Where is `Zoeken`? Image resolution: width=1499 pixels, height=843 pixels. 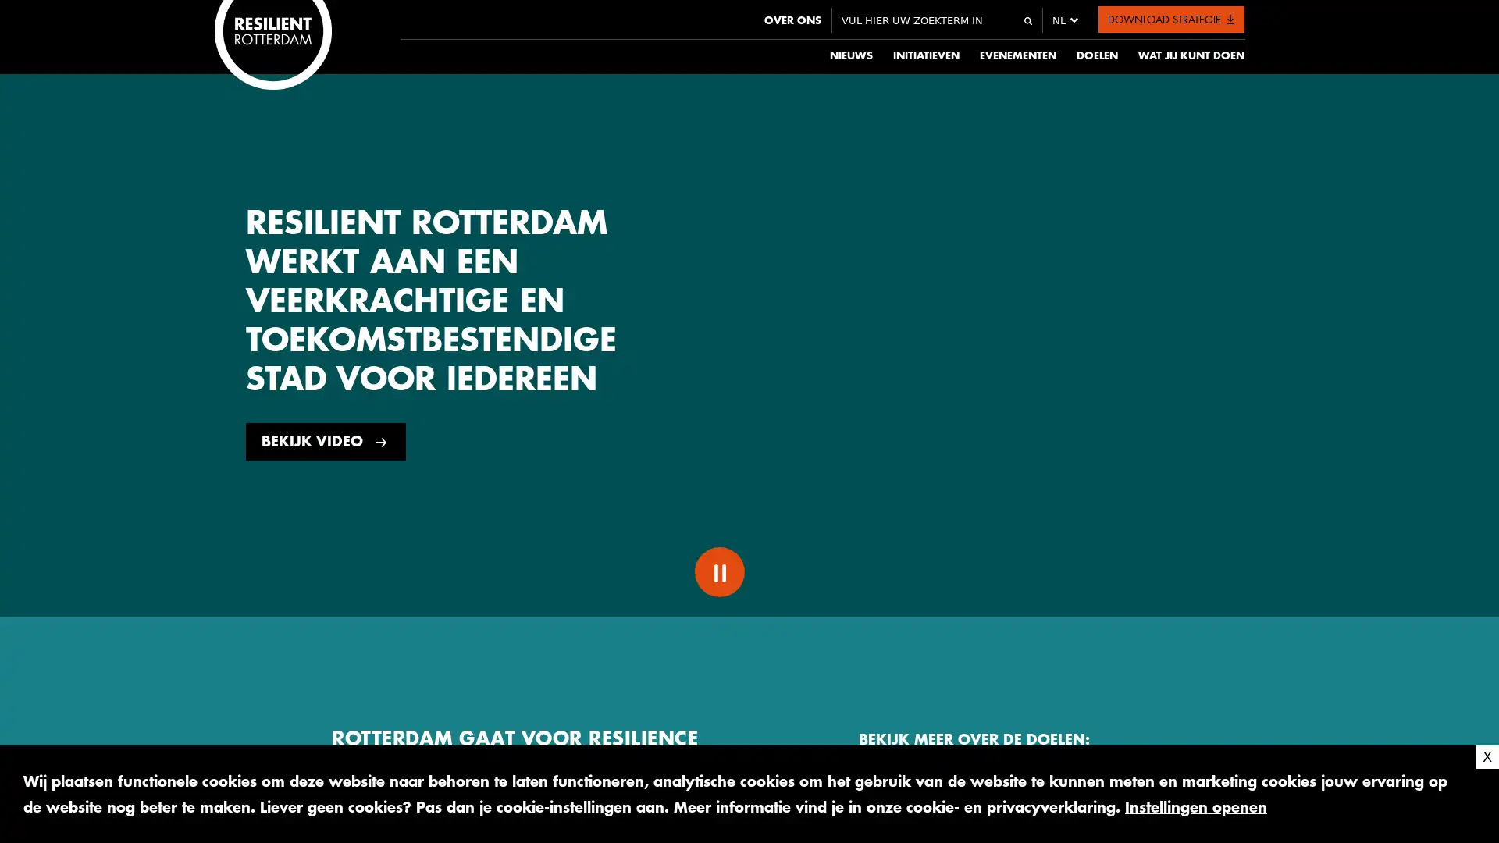
Zoeken is located at coordinates (1027, 21).